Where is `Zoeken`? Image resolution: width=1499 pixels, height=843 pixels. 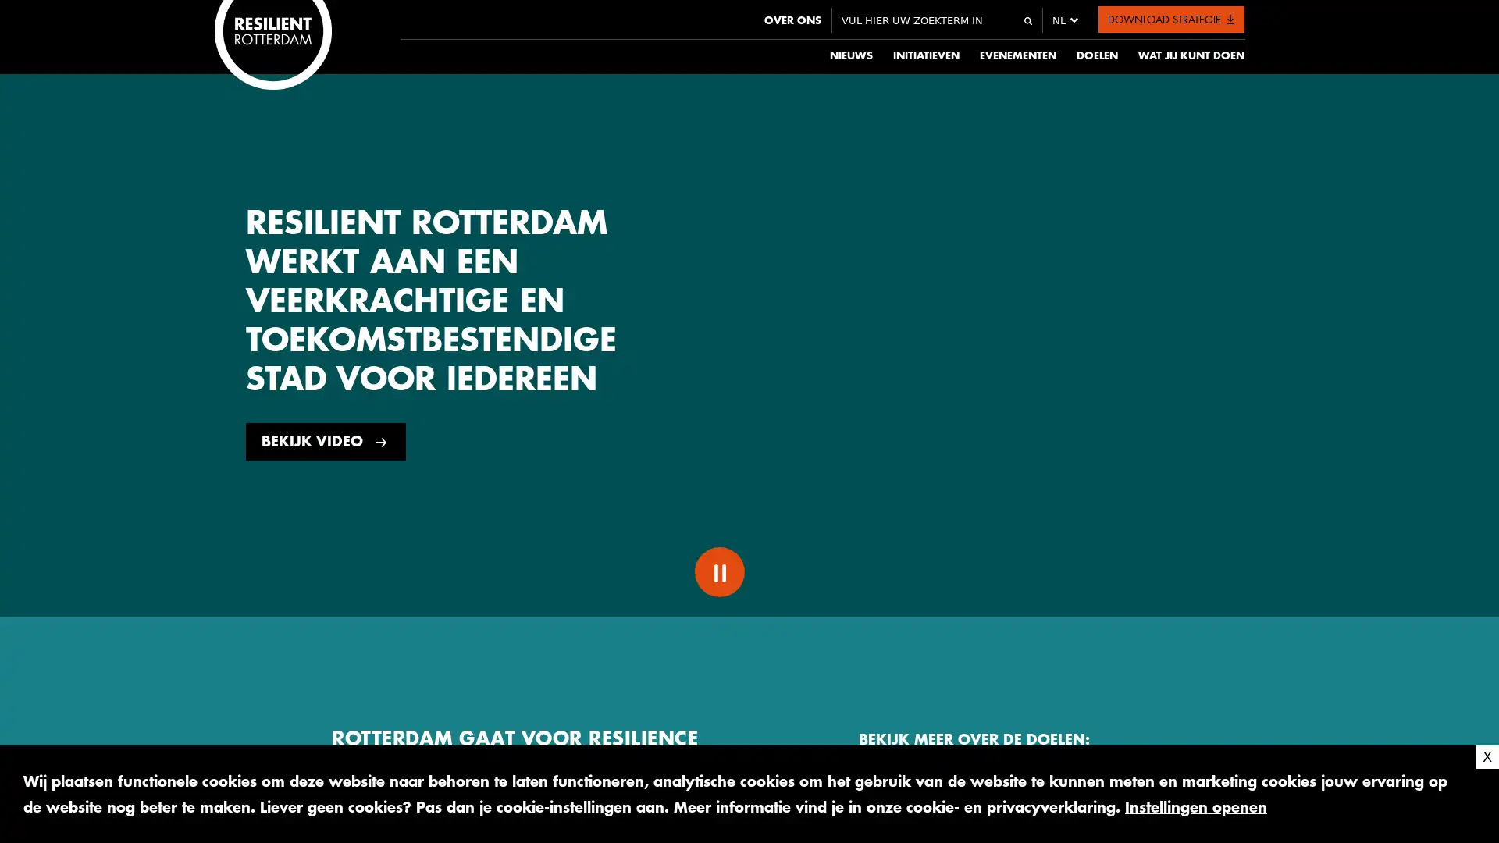
Zoeken is located at coordinates (1027, 21).